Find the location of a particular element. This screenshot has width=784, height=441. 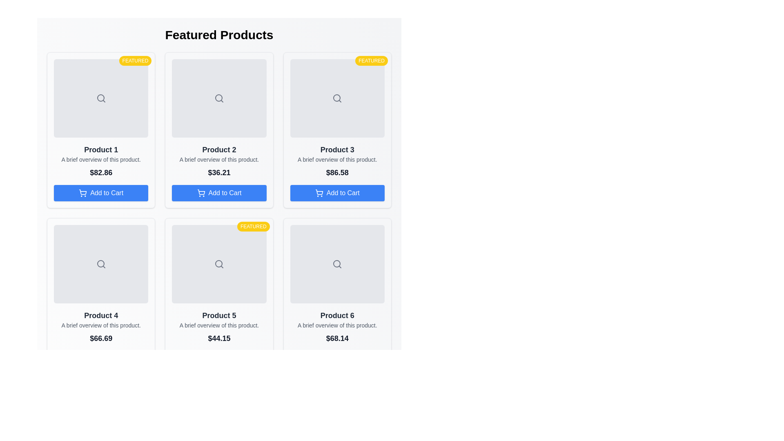

the 'Add to Cart' button icon, which resembles a shopping cart and is located at the bottom of the card for 'Product 2' in the product grid is located at coordinates (83, 192).